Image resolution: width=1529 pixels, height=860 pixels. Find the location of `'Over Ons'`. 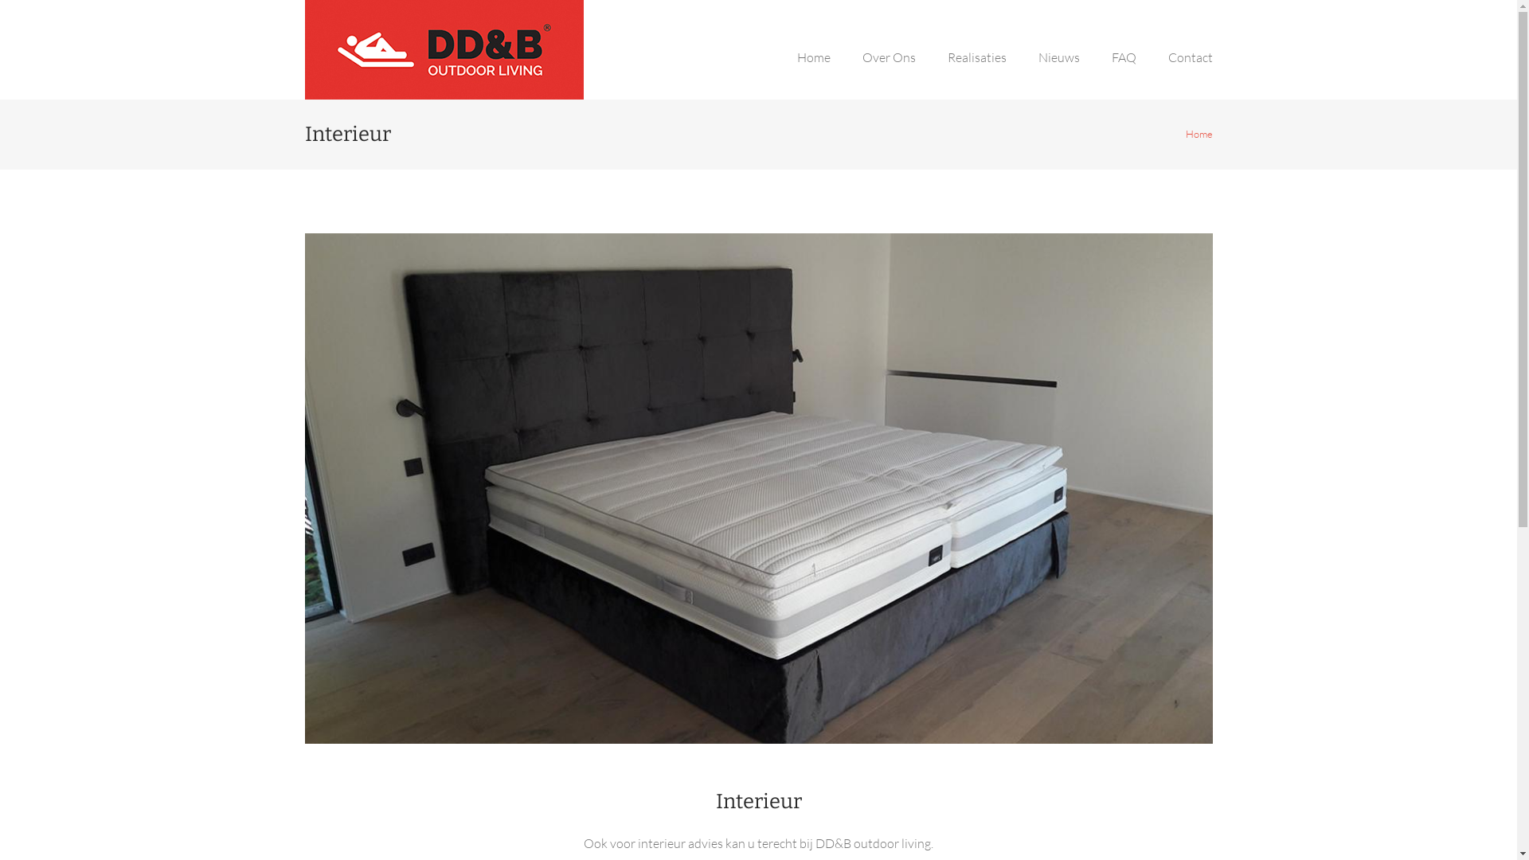

'Over Ons' is located at coordinates (887, 74).